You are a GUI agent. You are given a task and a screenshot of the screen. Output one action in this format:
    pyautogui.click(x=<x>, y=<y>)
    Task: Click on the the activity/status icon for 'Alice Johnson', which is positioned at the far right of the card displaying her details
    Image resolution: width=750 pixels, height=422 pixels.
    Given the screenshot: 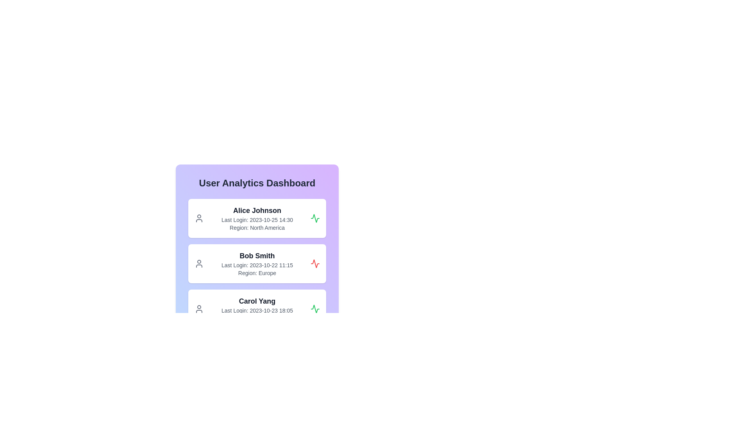 What is the action you would take?
    pyautogui.click(x=315, y=218)
    